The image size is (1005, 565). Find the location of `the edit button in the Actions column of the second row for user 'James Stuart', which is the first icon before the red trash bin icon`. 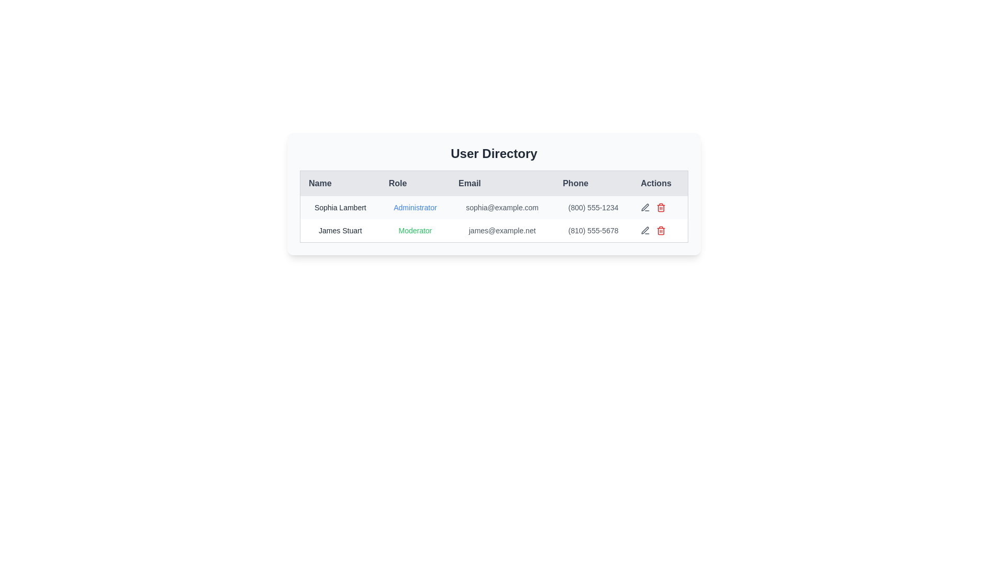

the edit button in the Actions column of the second row for user 'James Stuart', which is the first icon before the red trash bin icon is located at coordinates (645, 208).